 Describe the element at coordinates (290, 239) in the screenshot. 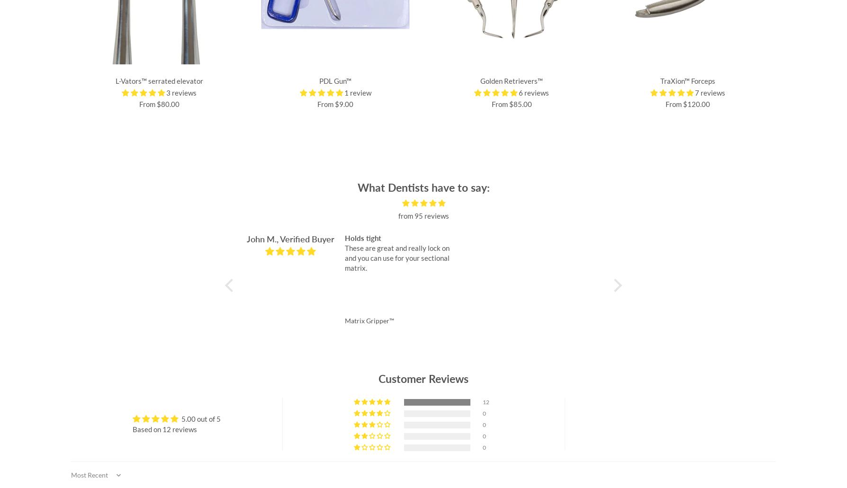

I see `'John M., Verified Buyer'` at that location.